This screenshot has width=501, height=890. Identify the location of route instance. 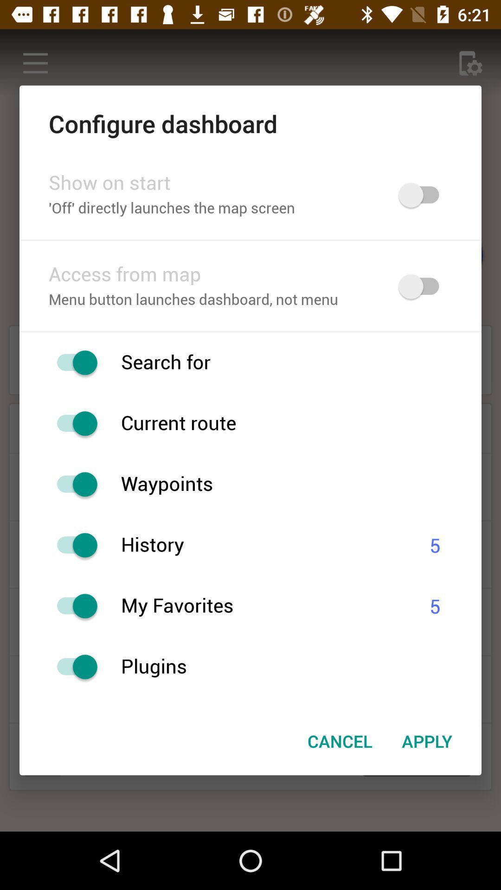
(72, 423).